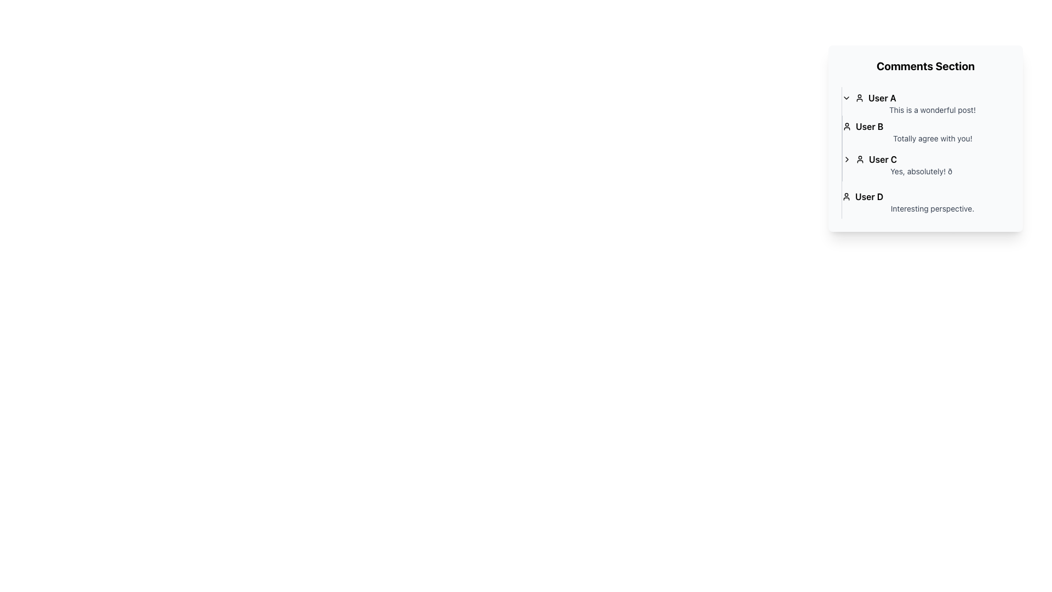  I want to click on the SVG-based user avatar icon representing 'User C' in the third comment entry of the comments section, so click(859, 159).